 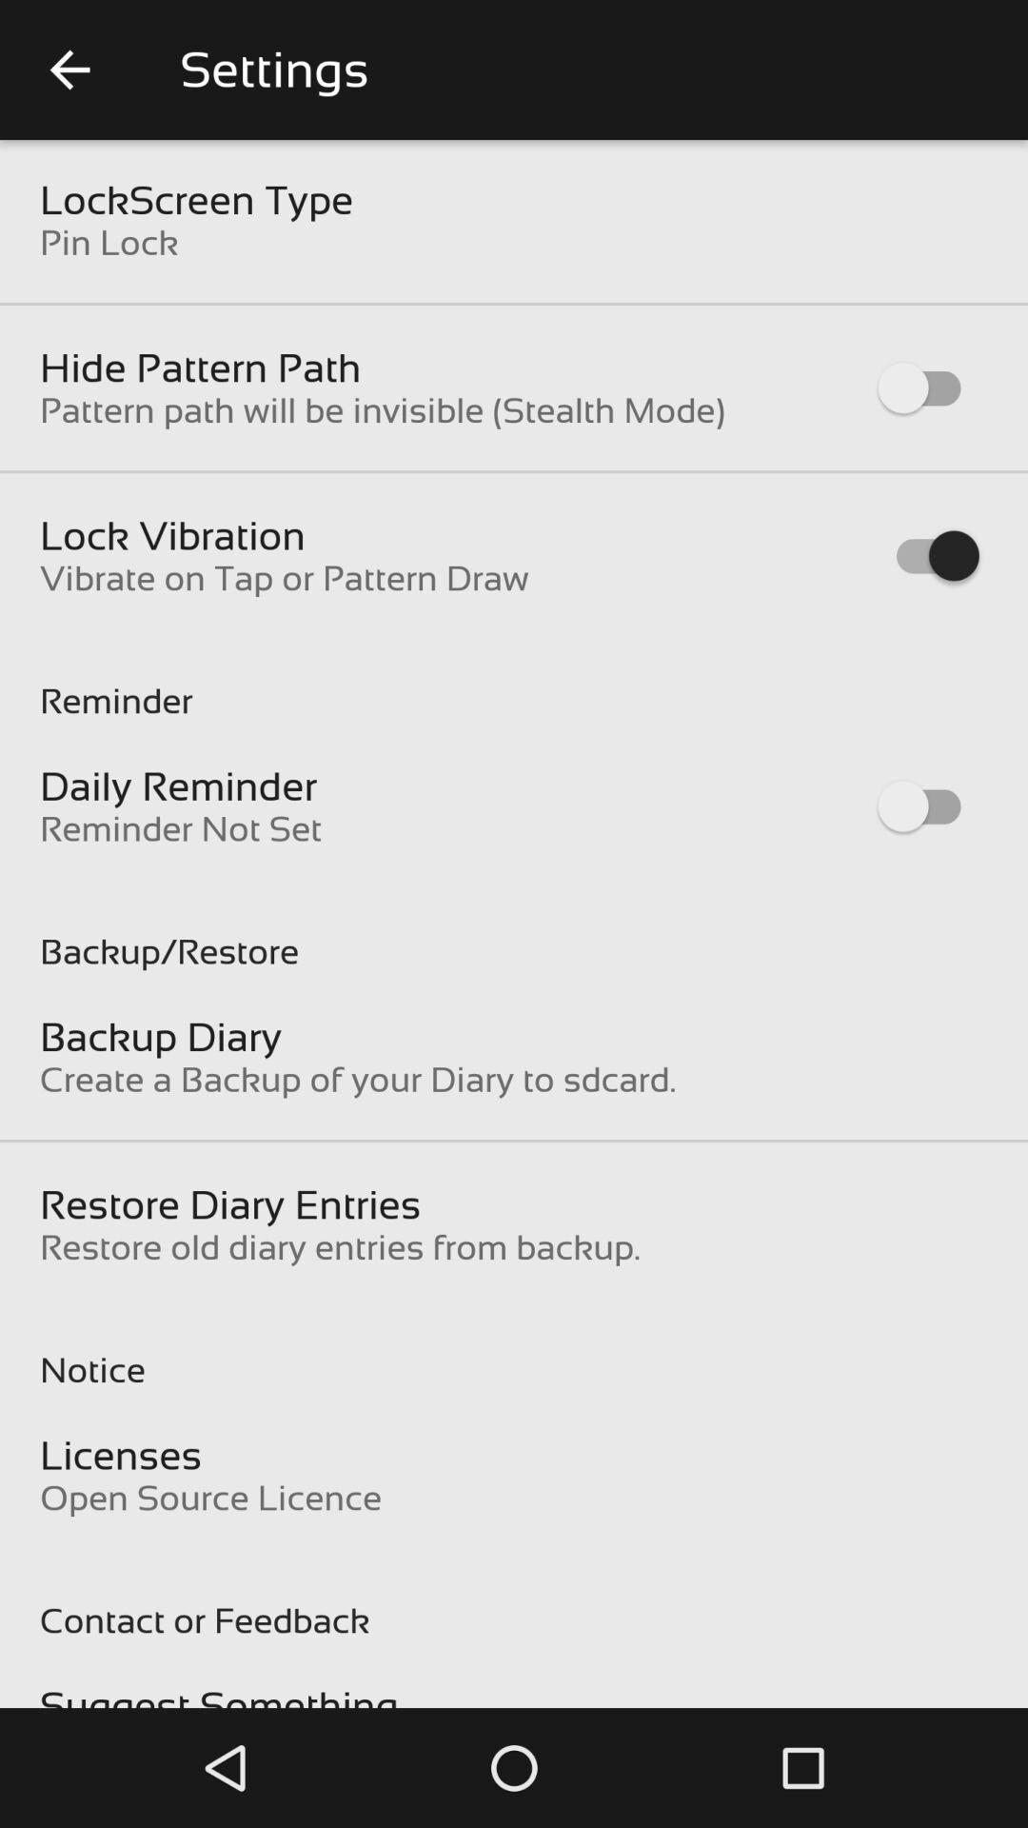 I want to click on the icon above the hide pattern path, so click(x=109, y=241).